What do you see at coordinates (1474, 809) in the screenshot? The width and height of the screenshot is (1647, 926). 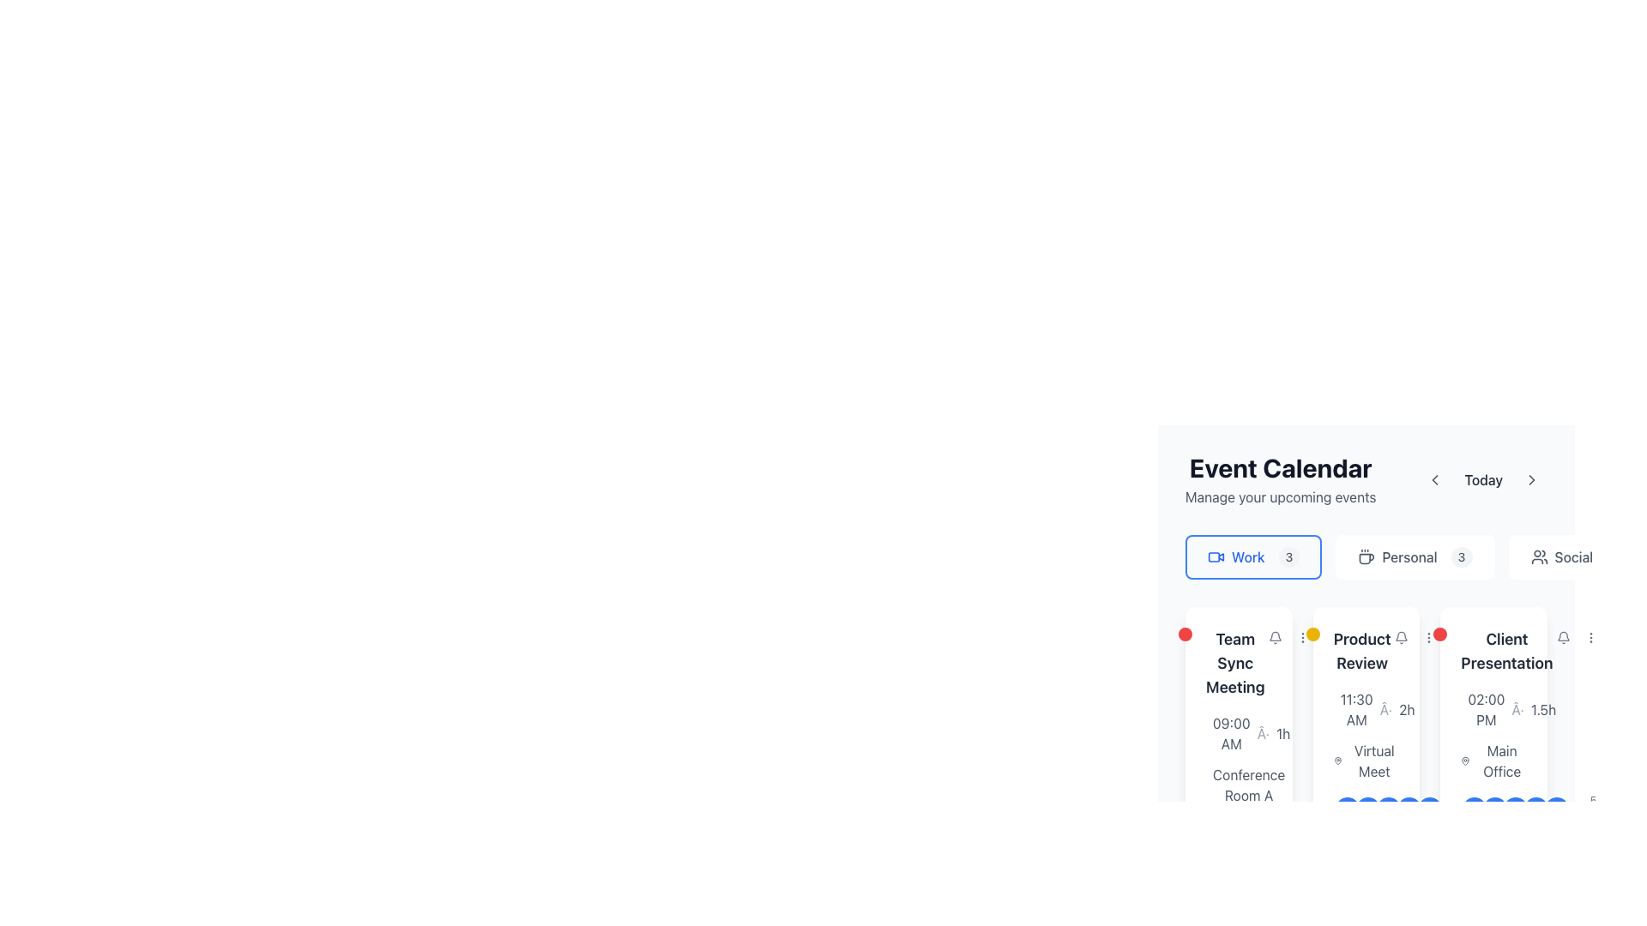 I see `the label 'A' which is centered within a blue gradient circular background in the bottom-right area of the 'Event Calendar' section` at bounding box center [1474, 809].